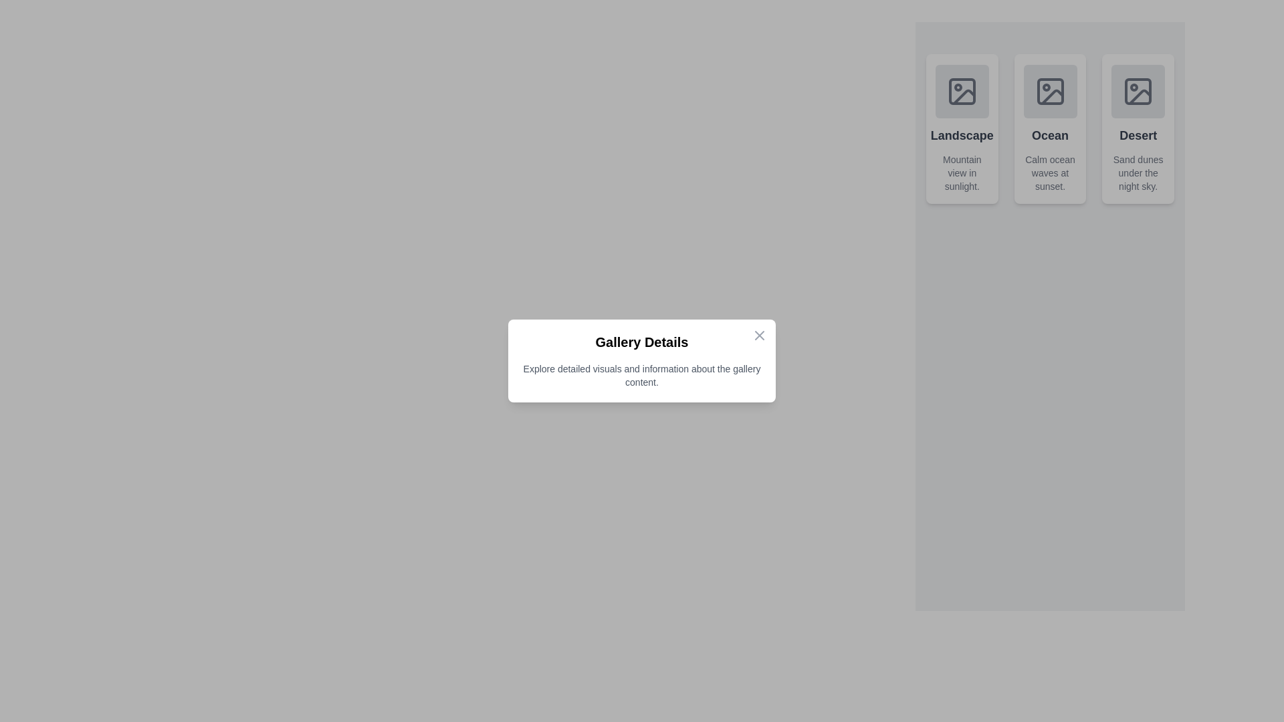  What do you see at coordinates (961, 91) in the screenshot?
I see `the square-shaped icon subcomponent within the 'Landscape' card located at the top region of the first card in a row of three cards` at bounding box center [961, 91].